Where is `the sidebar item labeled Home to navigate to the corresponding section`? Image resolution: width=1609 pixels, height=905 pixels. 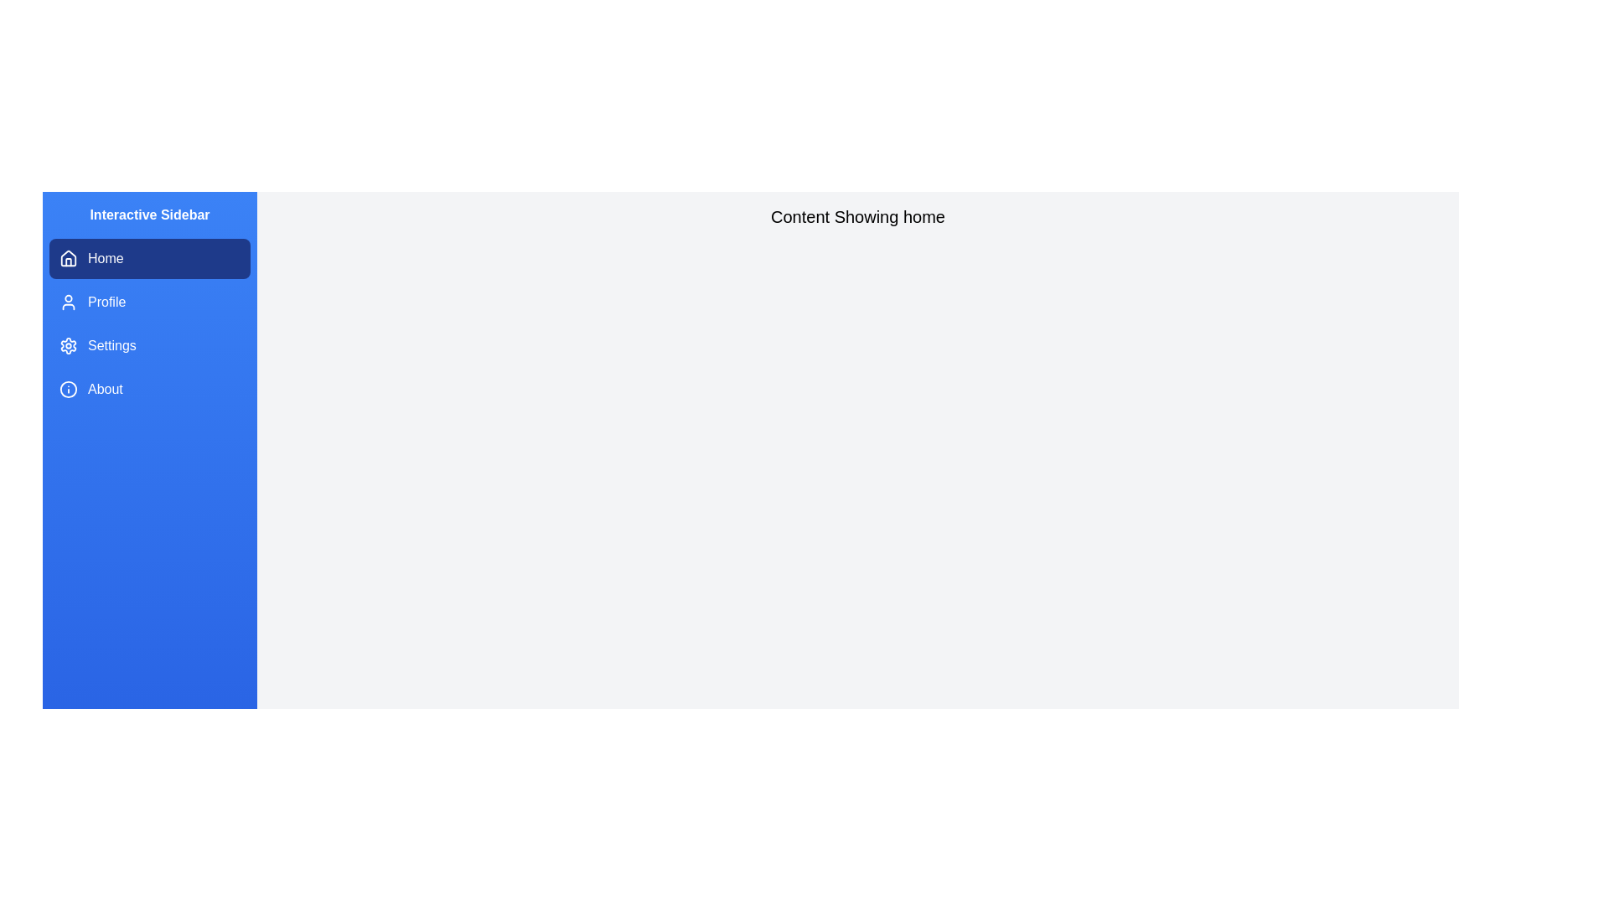
the sidebar item labeled Home to navigate to the corresponding section is located at coordinates (149, 258).